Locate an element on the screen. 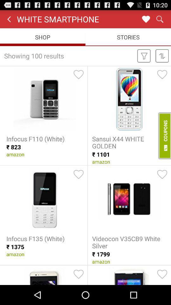 The height and width of the screenshot is (305, 171). the filter icon is located at coordinates (144, 60).